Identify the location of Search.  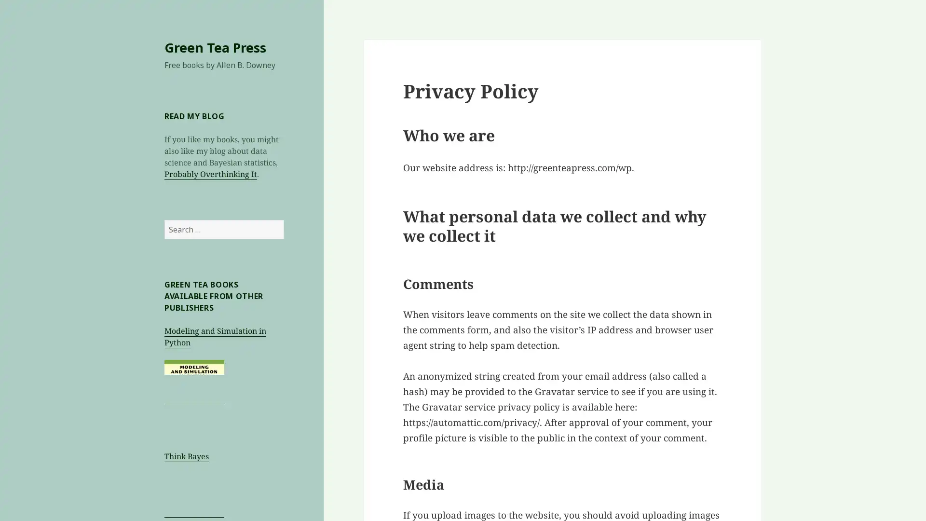
(283, 219).